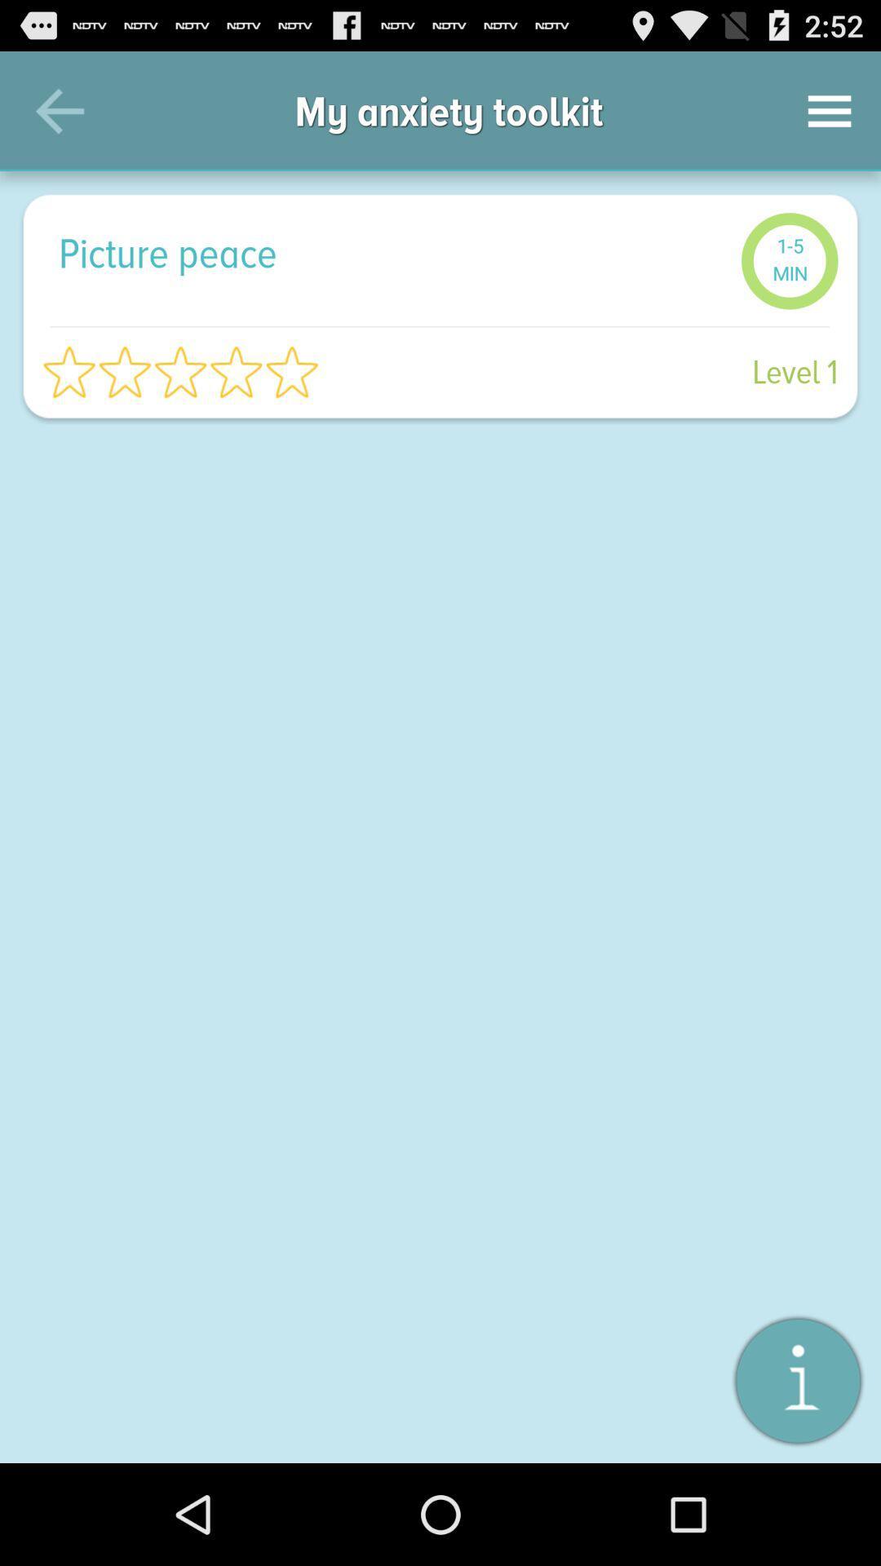 Image resolution: width=881 pixels, height=1566 pixels. What do you see at coordinates (797, 1379) in the screenshot?
I see `item at the bottom right corner` at bounding box center [797, 1379].